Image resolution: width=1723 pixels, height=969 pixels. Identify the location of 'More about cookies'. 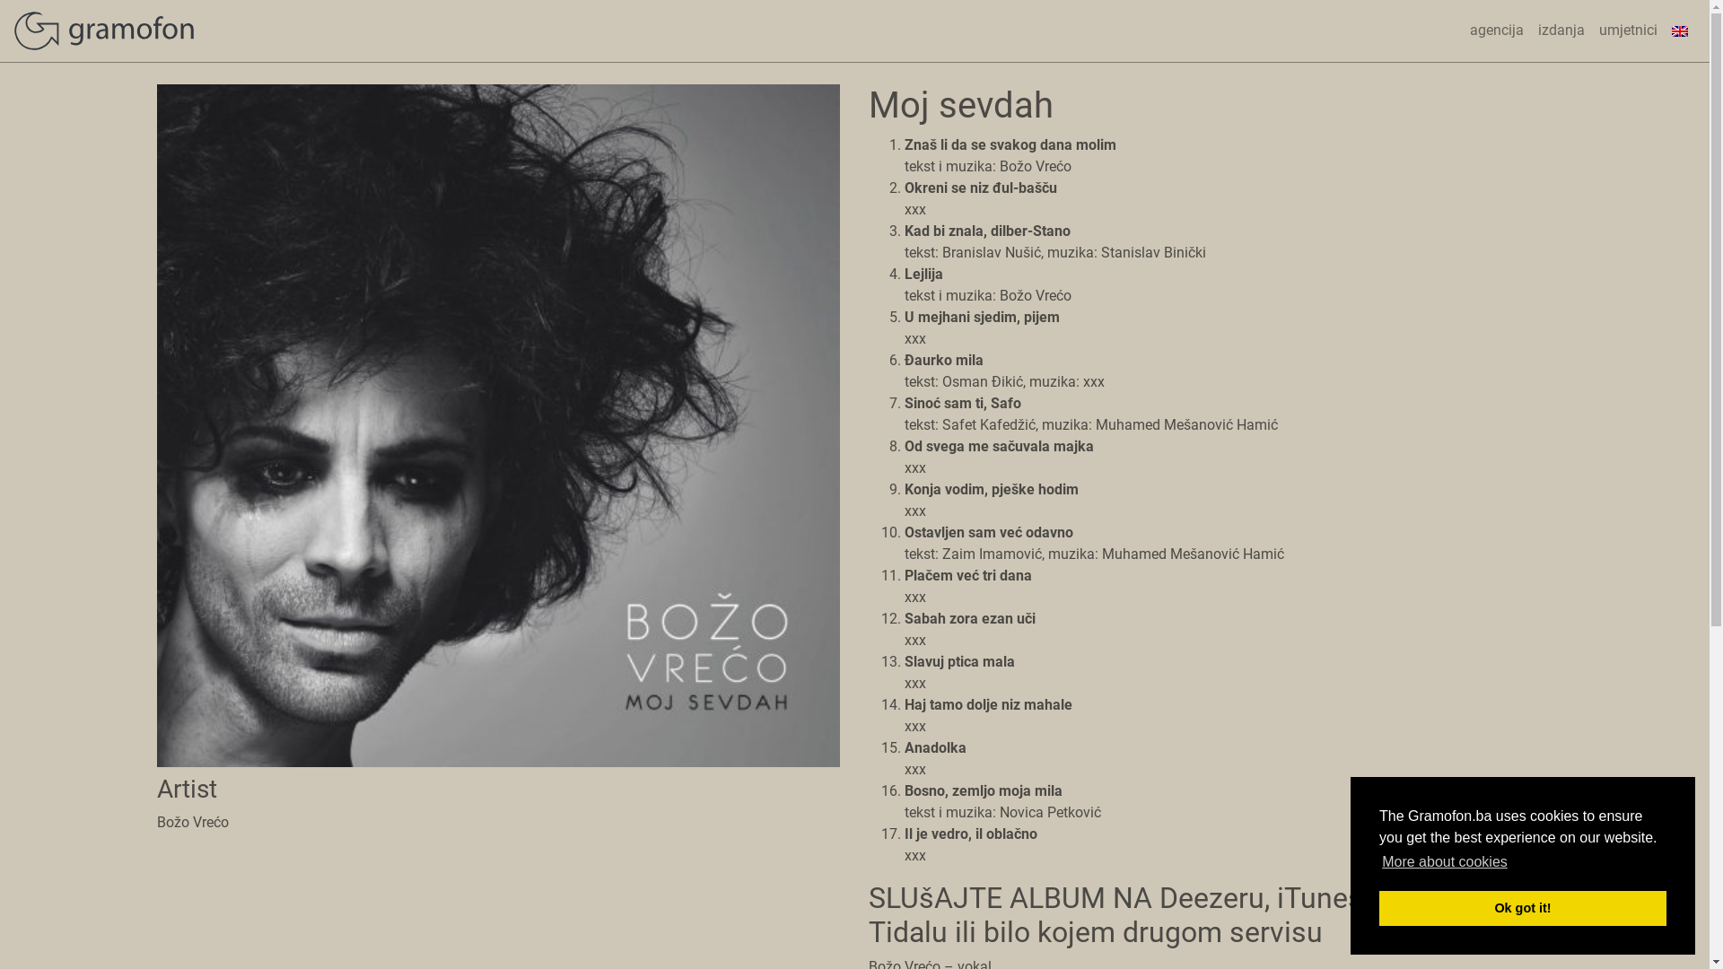
(1444, 860).